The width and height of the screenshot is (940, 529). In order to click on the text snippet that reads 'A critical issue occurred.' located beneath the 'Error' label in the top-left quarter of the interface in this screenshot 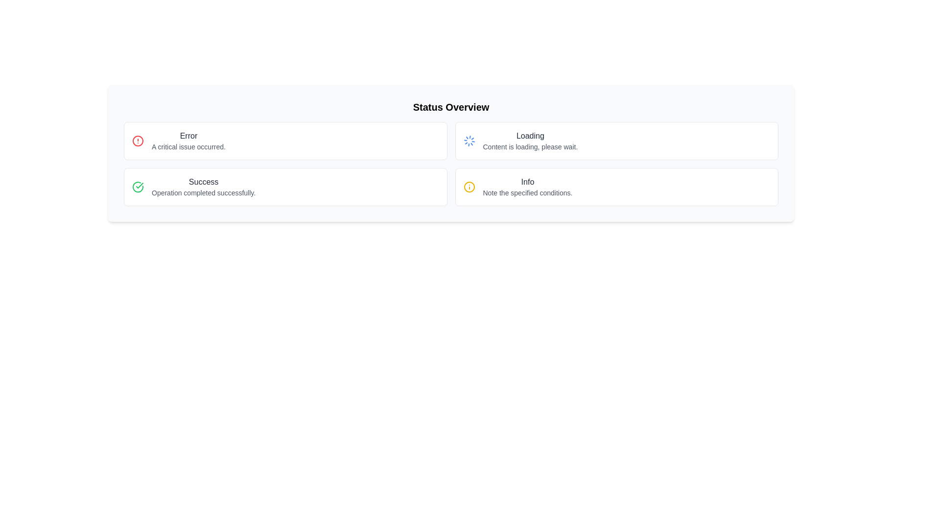, I will do `click(188, 147)`.